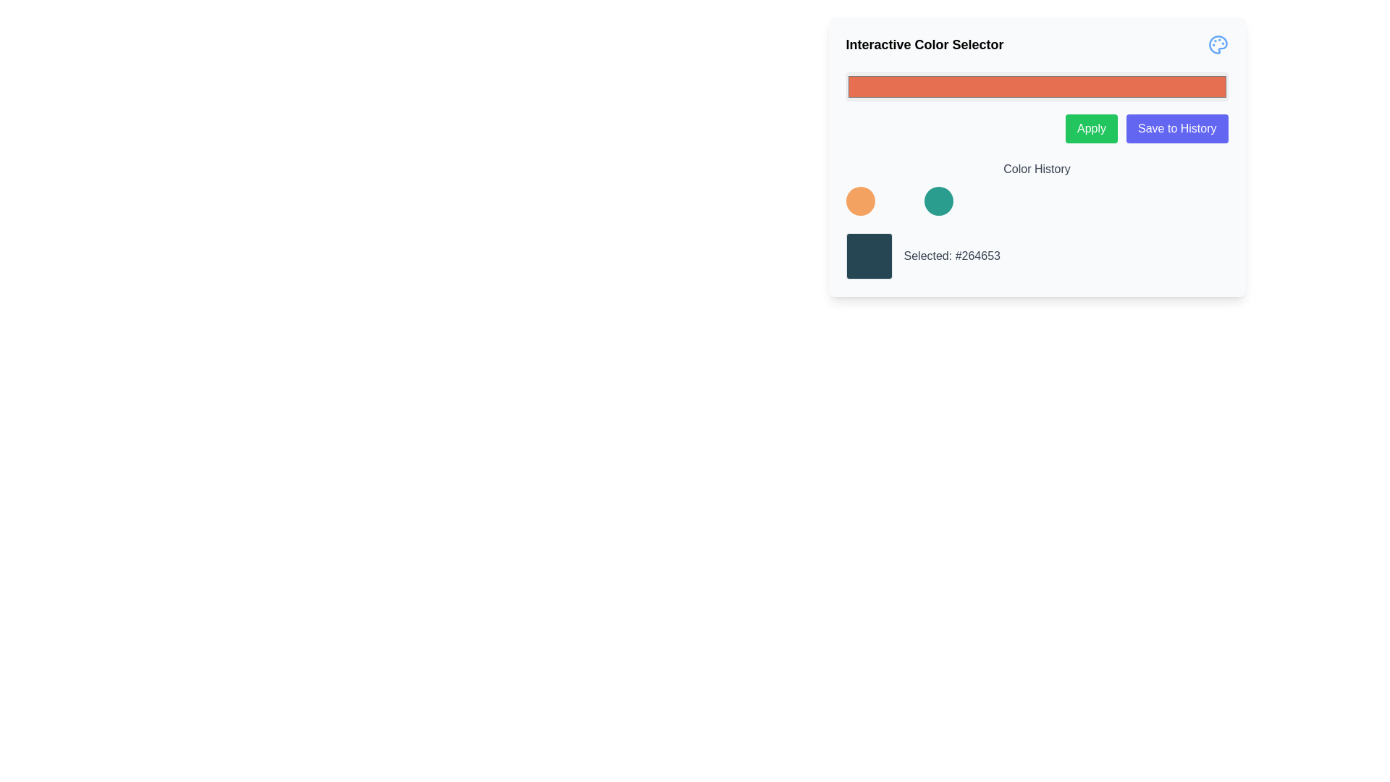 The height and width of the screenshot is (782, 1390). What do you see at coordinates (1036, 107) in the screenshot?
I see `the color input field located at the top of the 'Interactive Color Selector' interface` at bounding box center [1036, 107].